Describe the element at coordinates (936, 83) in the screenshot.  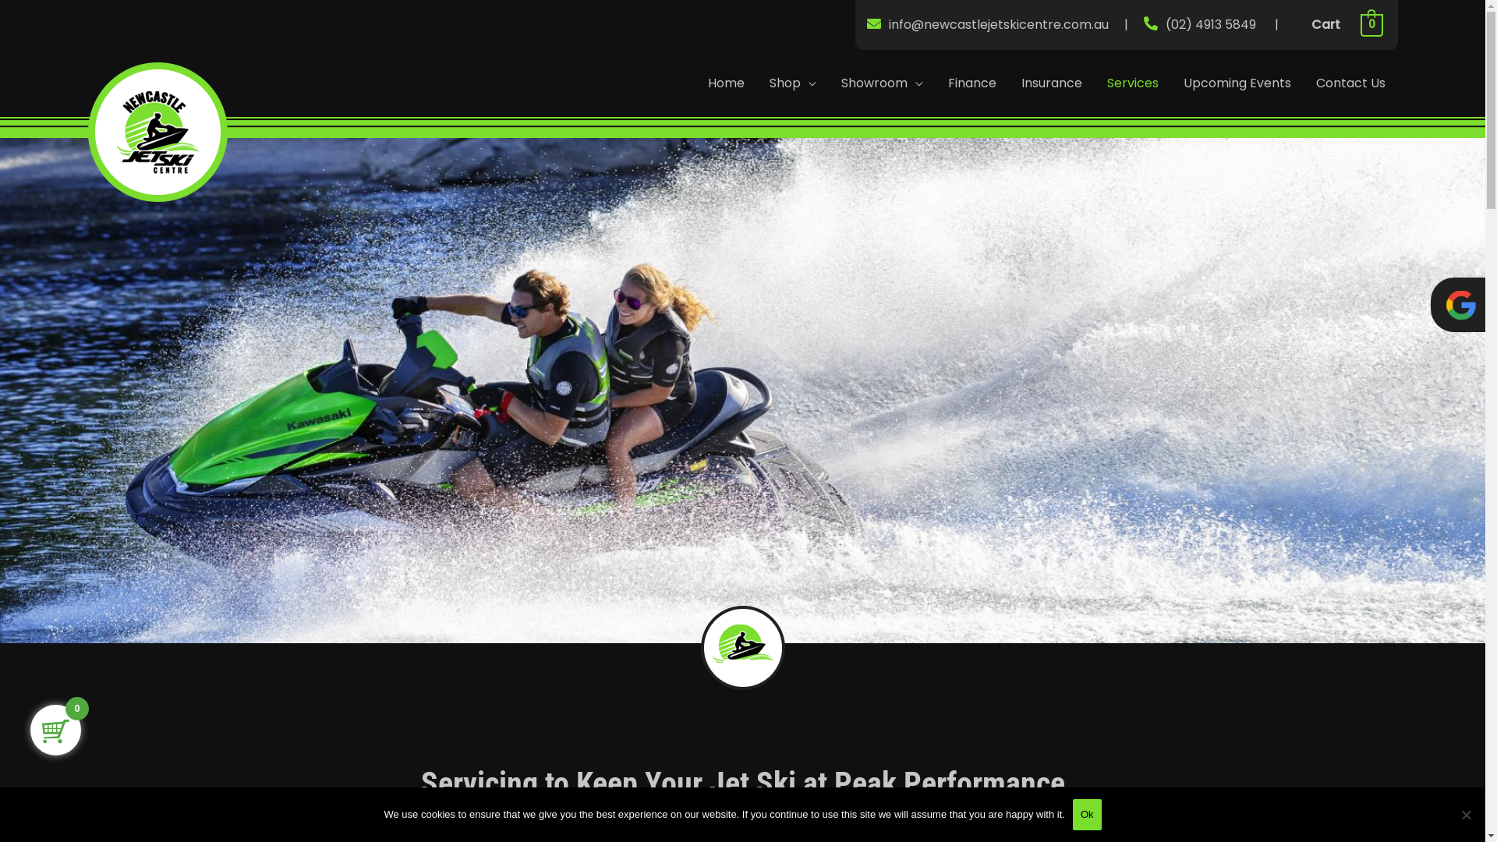
I see `'Finance'` at that location.